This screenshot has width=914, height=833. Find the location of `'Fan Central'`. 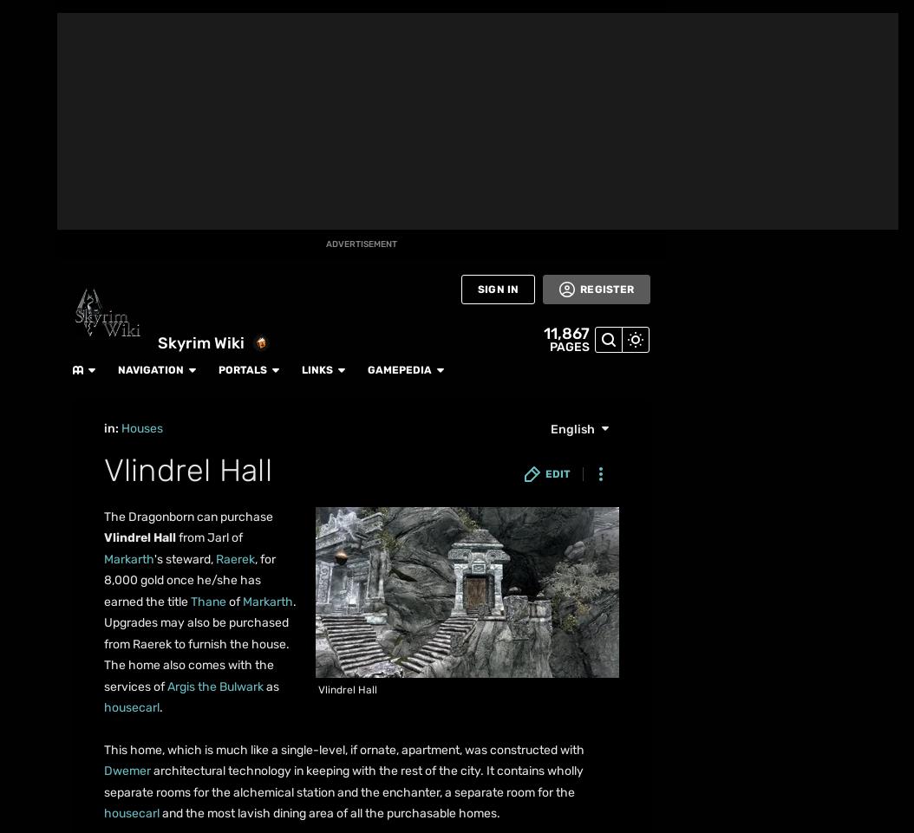

'Fan Central' is located at coordinates (9, 166).